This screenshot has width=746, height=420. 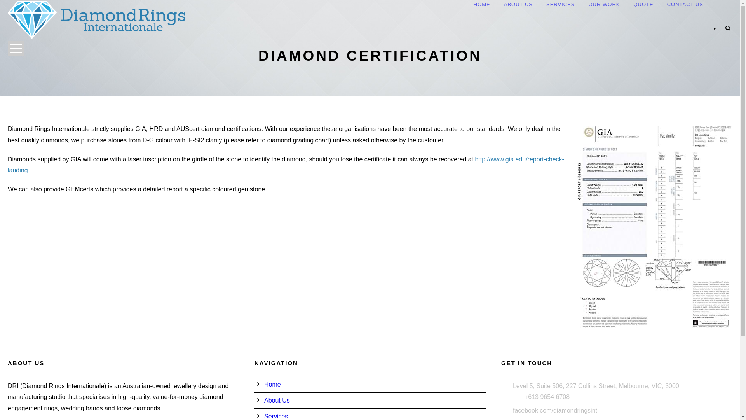 I want to click on 'Home', so click(x=272, y=384).